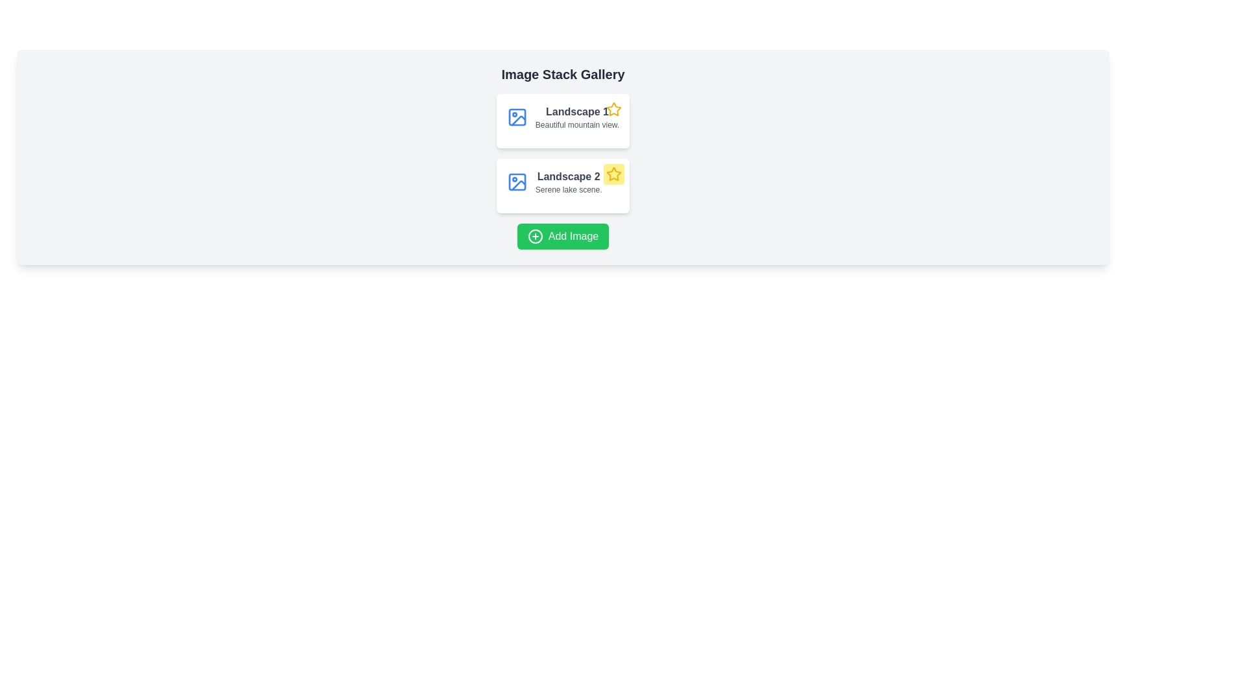 This screenshot has width=1245, height=700. What do you see at coordinates (576, 111) in the screenshot?
I see `the text label displaying 'Landscape 1' in bold dark gray, located at the top-left of the image description card in the 'Image Stack Gallery'` at bounding box center [576, 111].